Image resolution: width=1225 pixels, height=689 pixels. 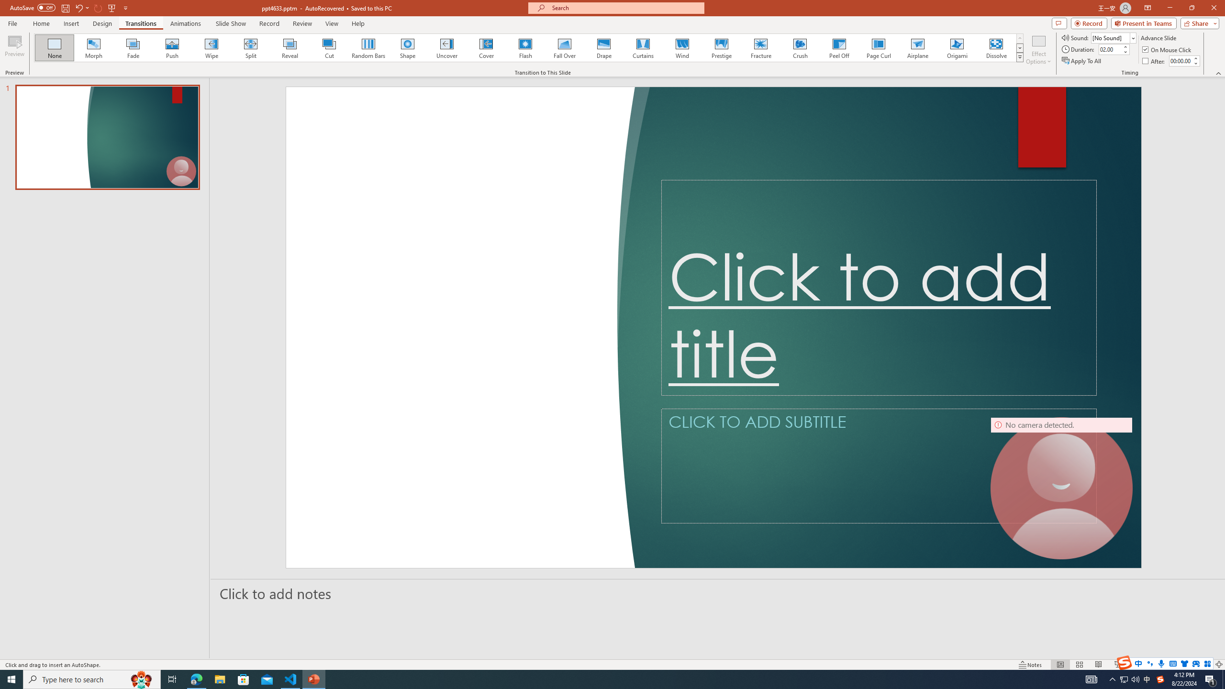 What do you see at coordinates (917, 47) in the screenshot?
I see `'Airplane'` at bounding box center [917, 47].